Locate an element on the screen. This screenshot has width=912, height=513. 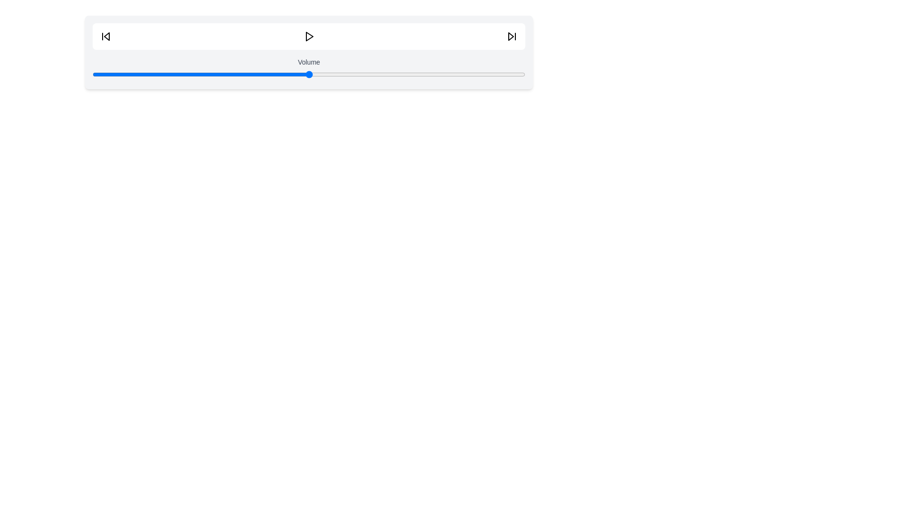
the 'Play' button located in the top panel of the application layout, which is situated to the right of a similar button is located at coordinates (309, 36).